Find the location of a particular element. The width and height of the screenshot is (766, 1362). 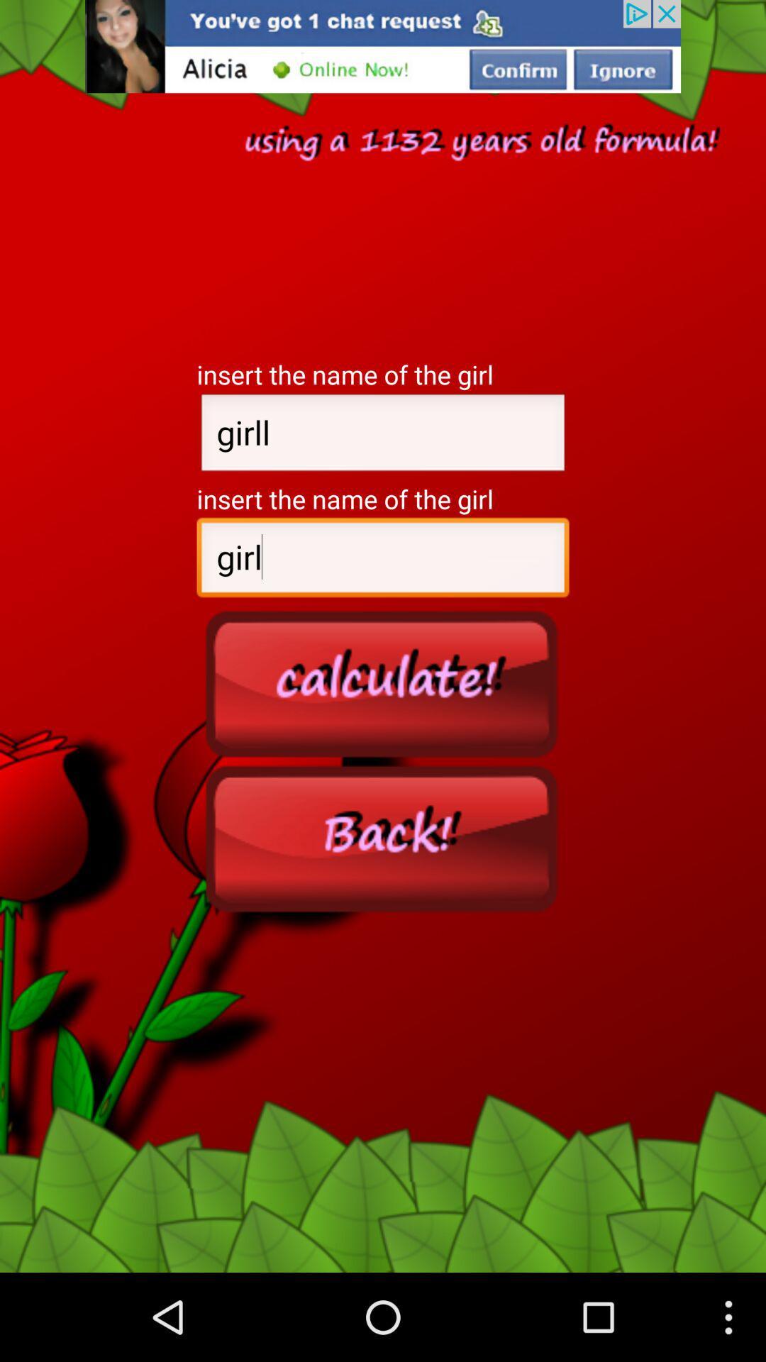

back button is located at coordinates (383, 838).